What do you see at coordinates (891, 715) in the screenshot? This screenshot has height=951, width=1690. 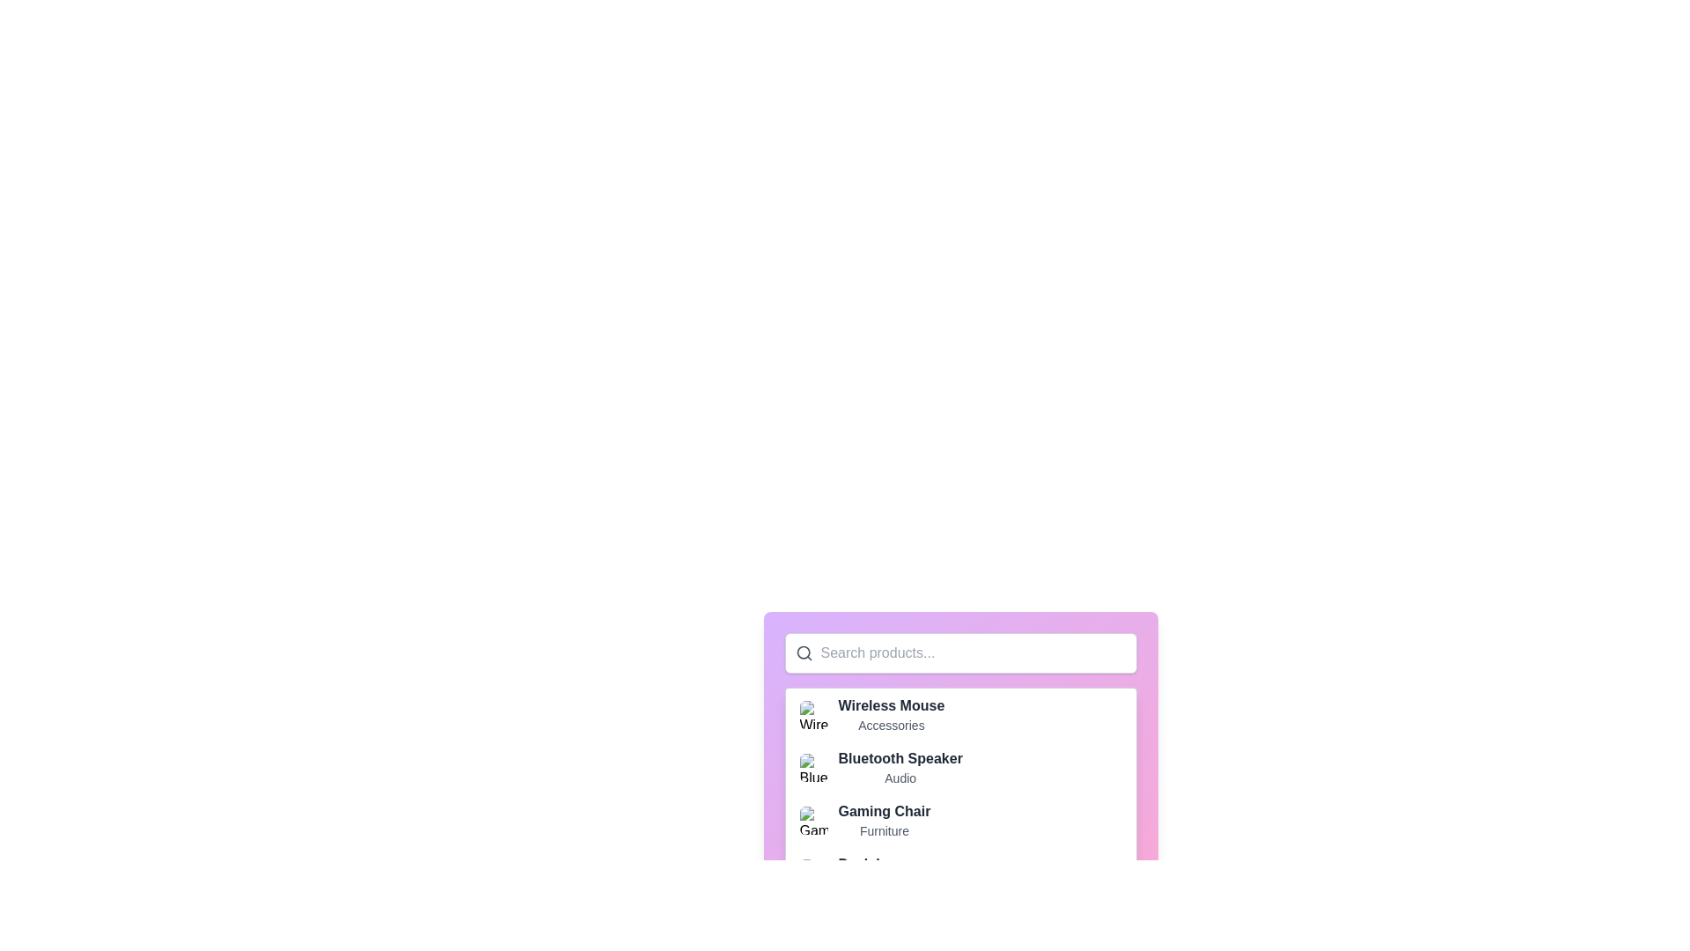 I see `the Text label titled 'Wireless Mouse' with the category 'Accessories'` at bounding box center [891, 715].